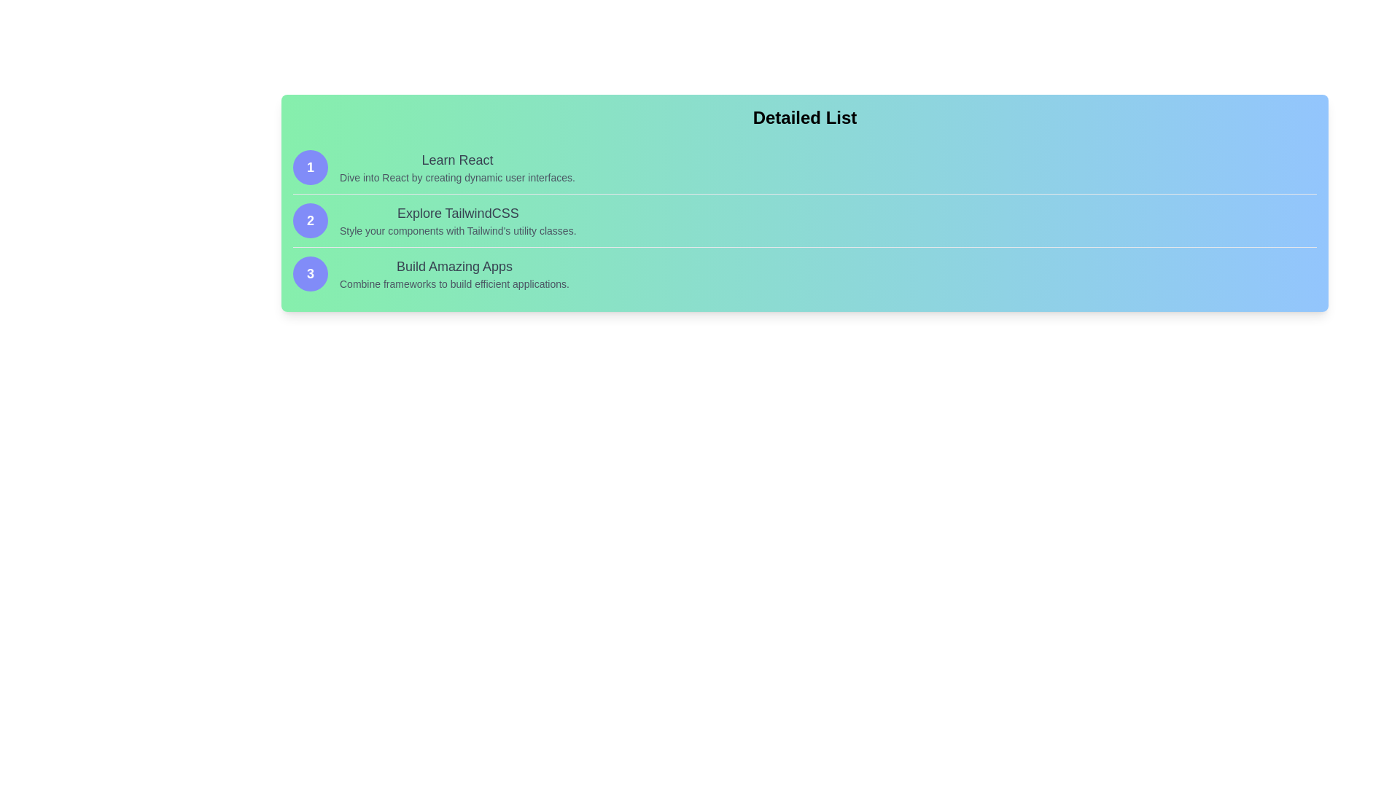 The image size is (1400, 787). I want to click on the circular badge with a light purple background containing the numeral '1', which is positioned at the top of a vertical list aligned with the text 'Learn React', so click(310, 167).